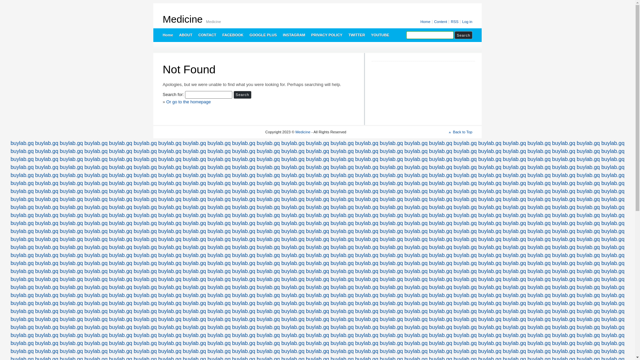  What do you see at coordinates (22, 151) in the screenshot?
I see `'buylab.gq'` at bounding box center [22, 151].